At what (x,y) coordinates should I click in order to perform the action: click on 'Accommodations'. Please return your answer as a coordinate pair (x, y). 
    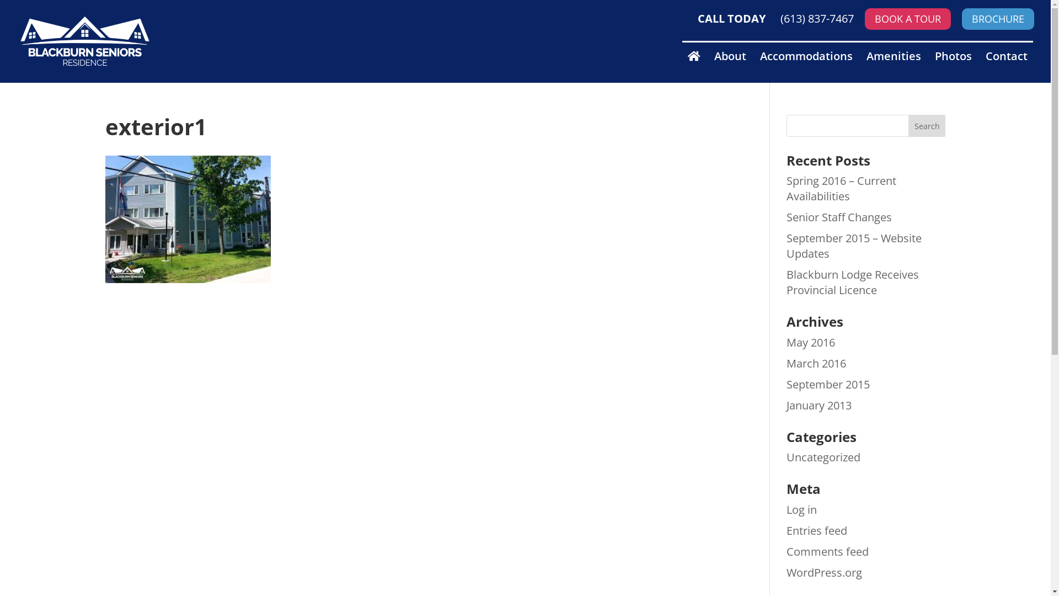
    Looking at the image, I should click on (806, 66).